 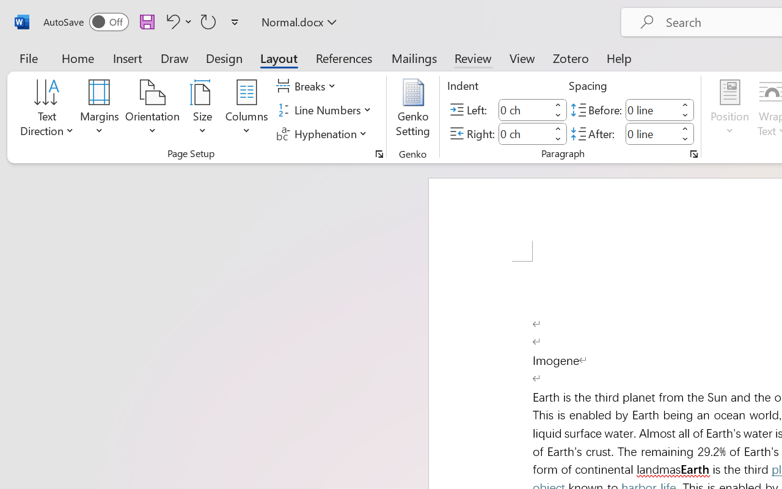 I want to click on 'Undo Paste Destination Formatting', so click(x=177, y=21).